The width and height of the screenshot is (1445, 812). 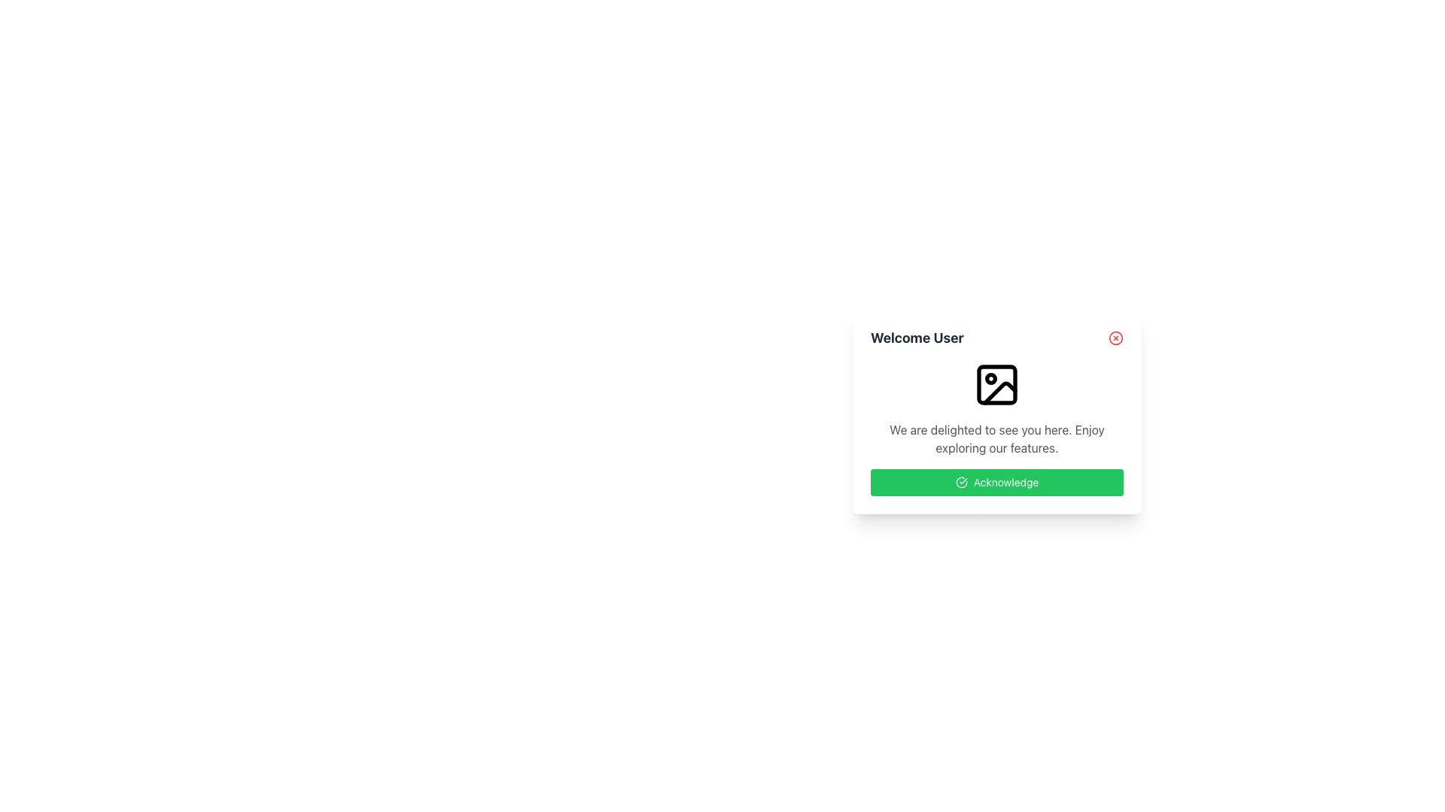 I want to click on the SVG icon representing a circular check mark symbol located inside the green button labeled 'Acknowledge' at the bottom-center of the modal, so click(x=960, y=482).